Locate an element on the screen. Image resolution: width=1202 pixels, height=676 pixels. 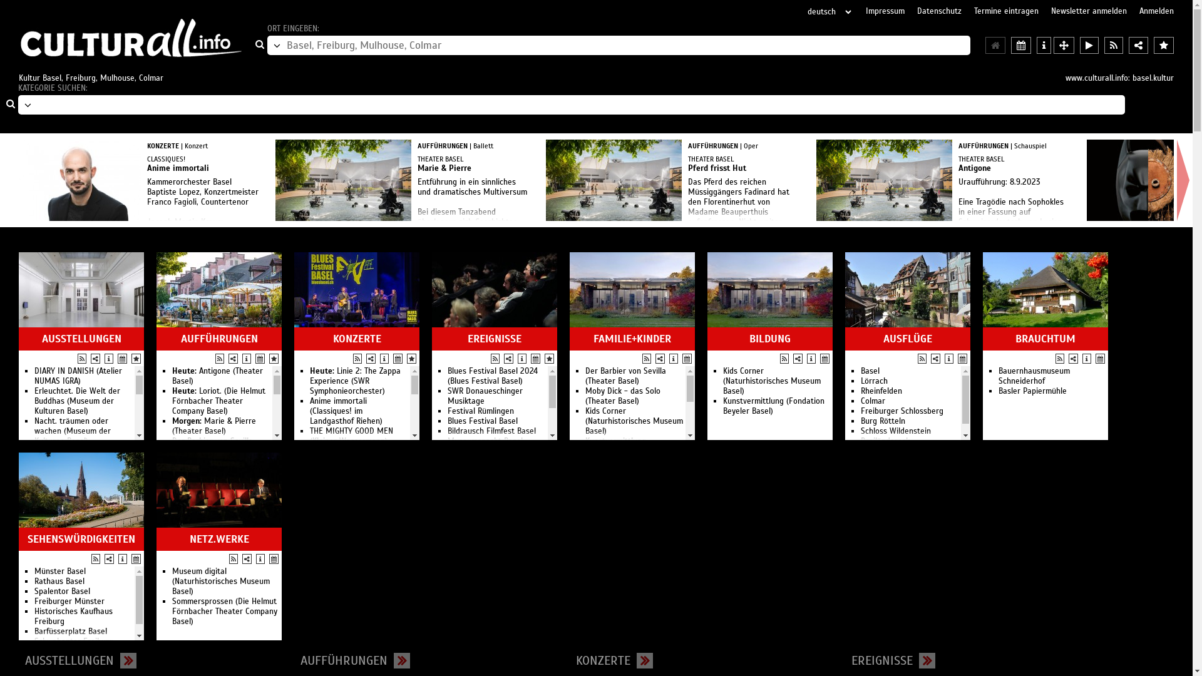
'NETZ.WERKE' is located at coordinates (158, 538).